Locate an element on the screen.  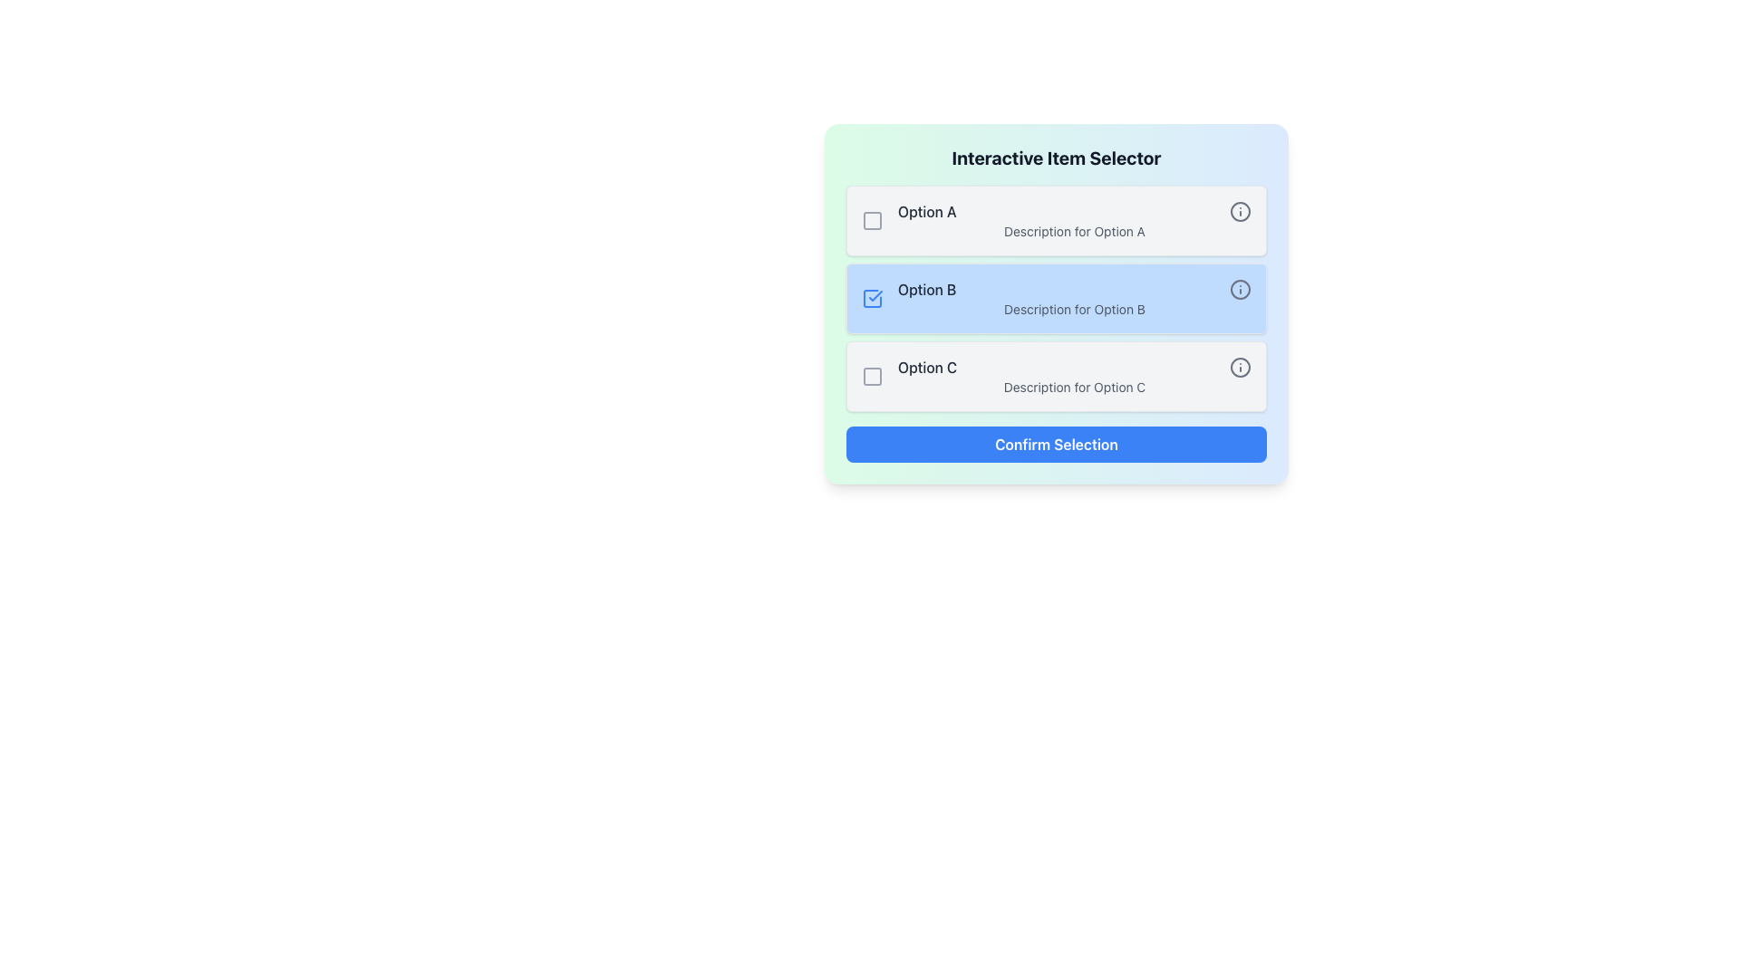
the top selectable list item that displays a title and description to make a selection is located at coordinates (1074, 219).